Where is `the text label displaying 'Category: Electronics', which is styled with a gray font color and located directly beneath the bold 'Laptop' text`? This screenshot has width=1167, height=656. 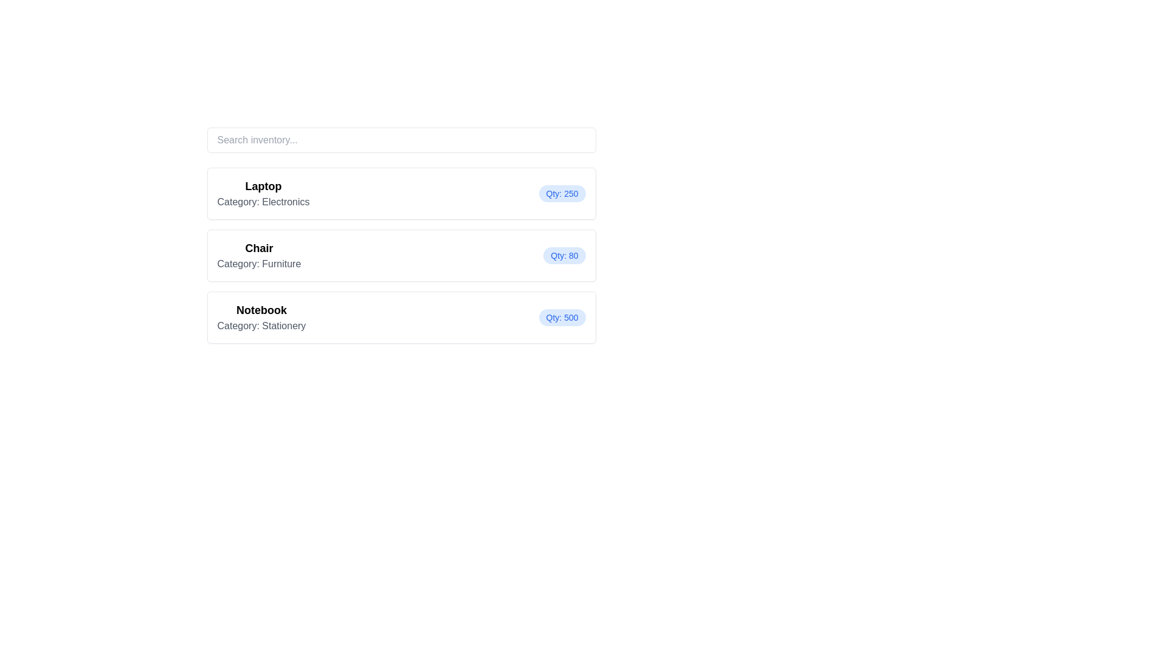
the text label displaying 'Category: Electronics', which is styled with a gray font color and located directly beneath the bold 'Laptop' text is located at coordinates (263, 201).